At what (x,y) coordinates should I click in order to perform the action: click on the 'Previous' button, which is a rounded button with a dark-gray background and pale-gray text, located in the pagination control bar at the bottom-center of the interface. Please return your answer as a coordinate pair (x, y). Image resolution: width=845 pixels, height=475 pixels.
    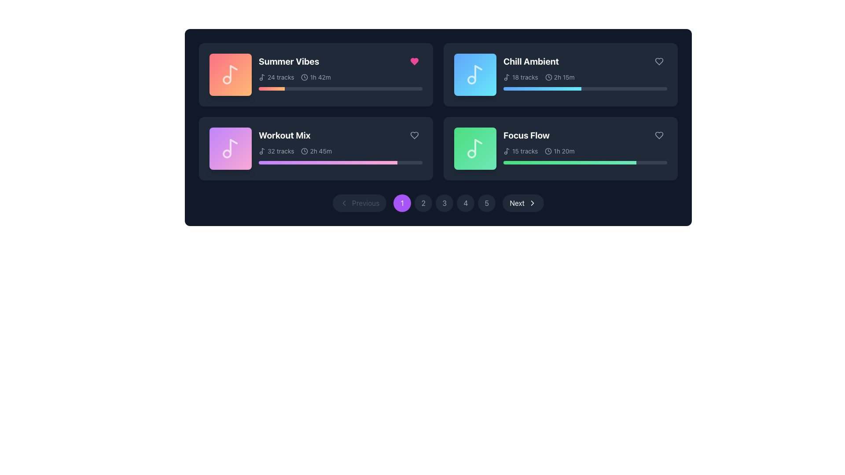
    Looking at the image, I should click on (360, 203).